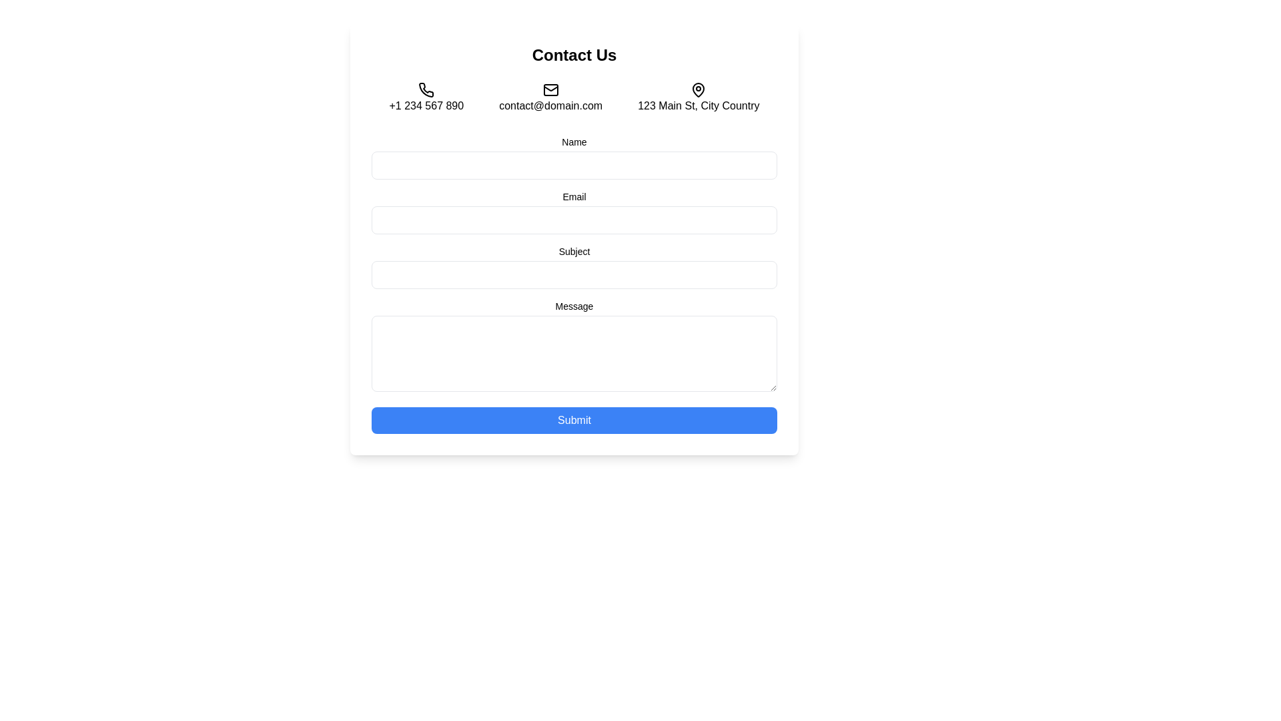 The height and width of the screenshot is (721, 1281). I want to click on the 'Submit' button with a blue background and white text to change its background color, so click(574, 419).